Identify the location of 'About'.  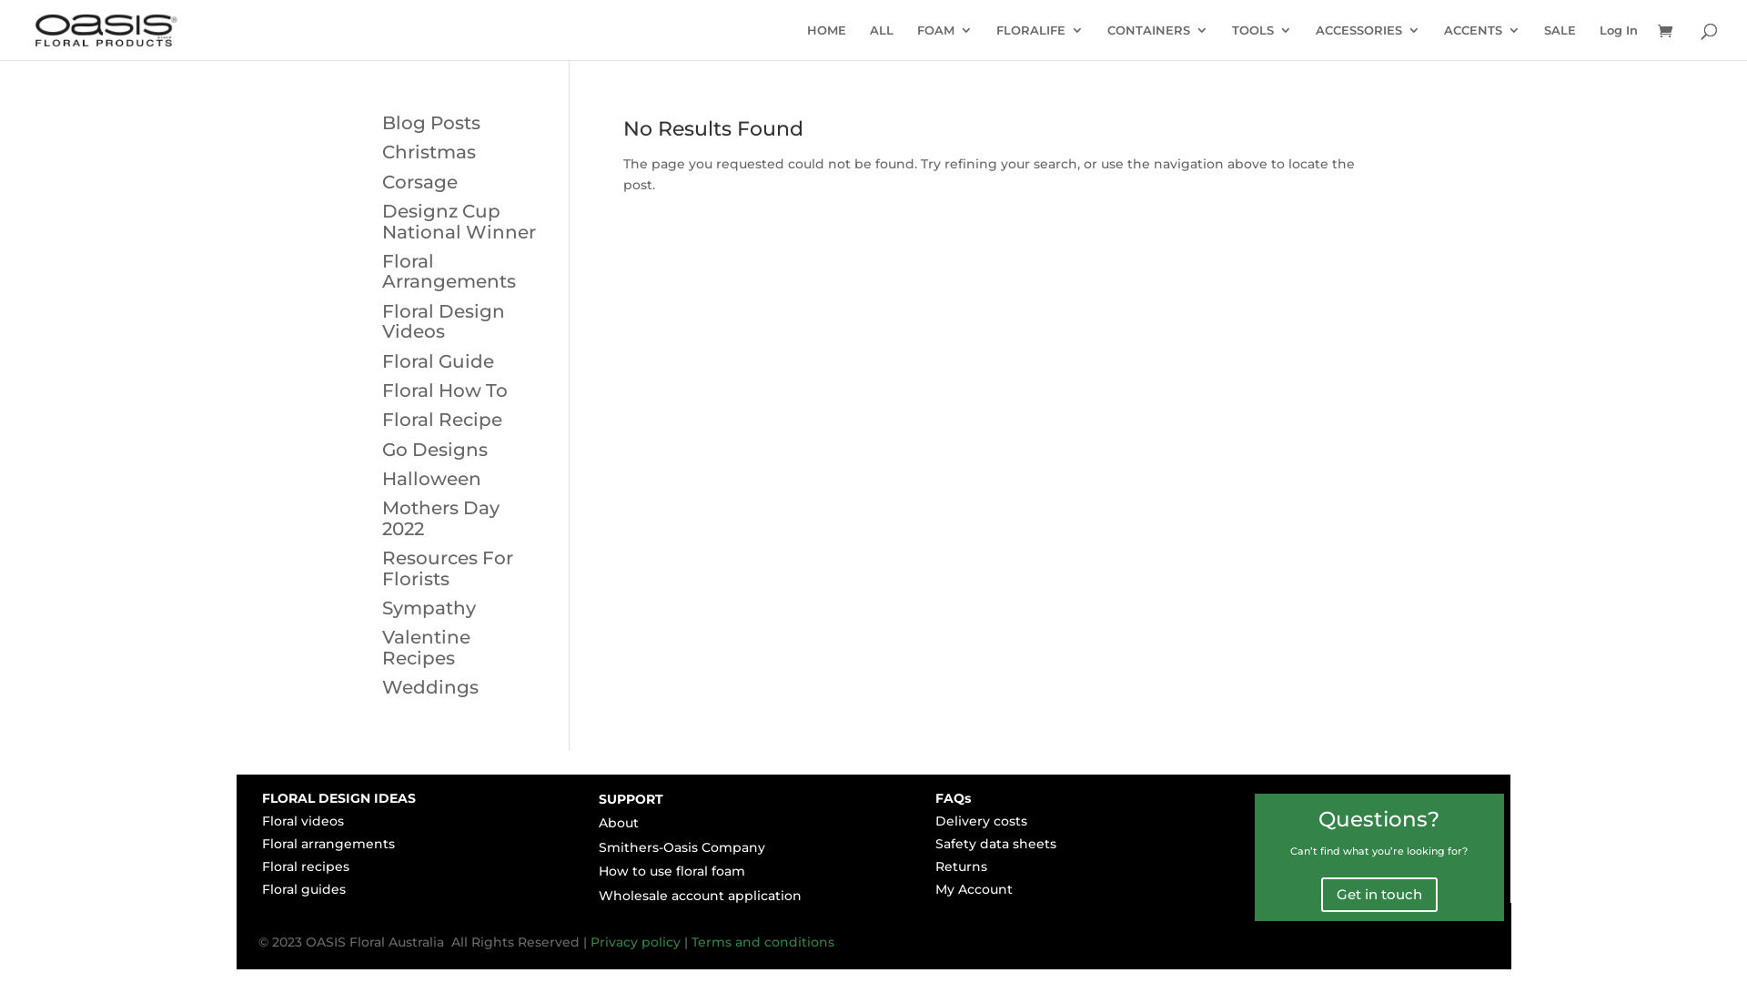
(619, 822).